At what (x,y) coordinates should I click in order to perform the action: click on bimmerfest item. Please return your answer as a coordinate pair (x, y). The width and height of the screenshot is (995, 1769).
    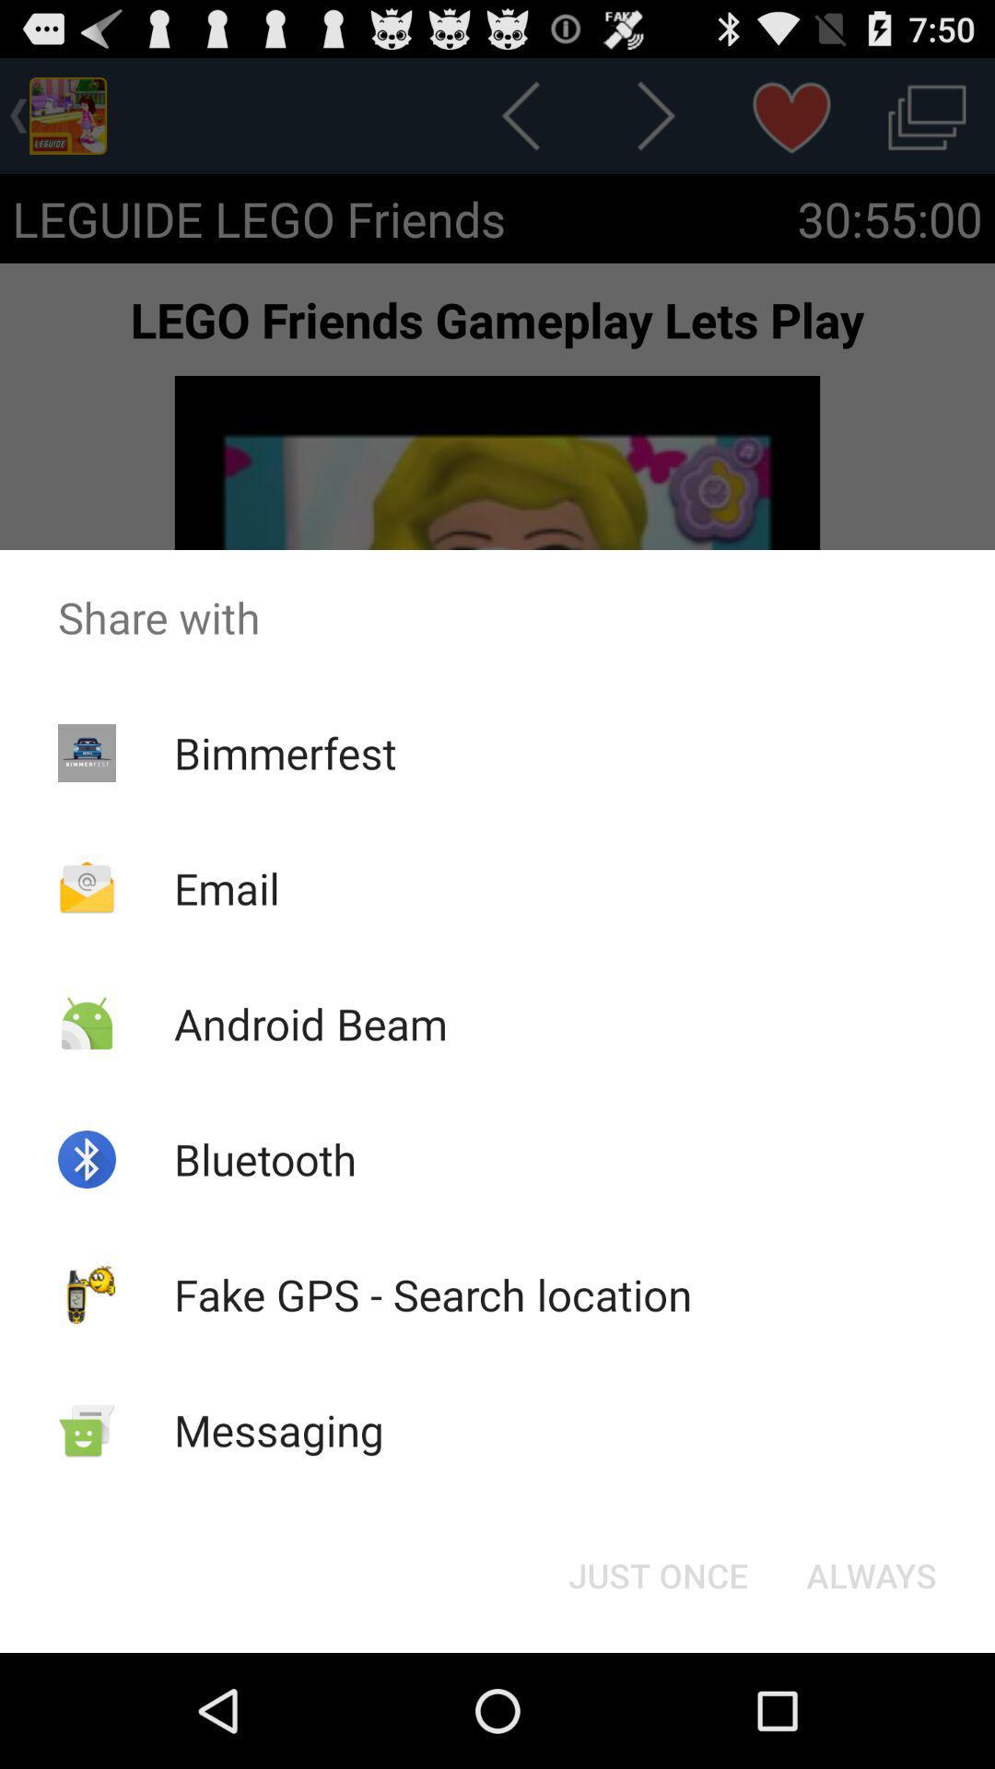
    Looking at the image, I should click on (285, 753).